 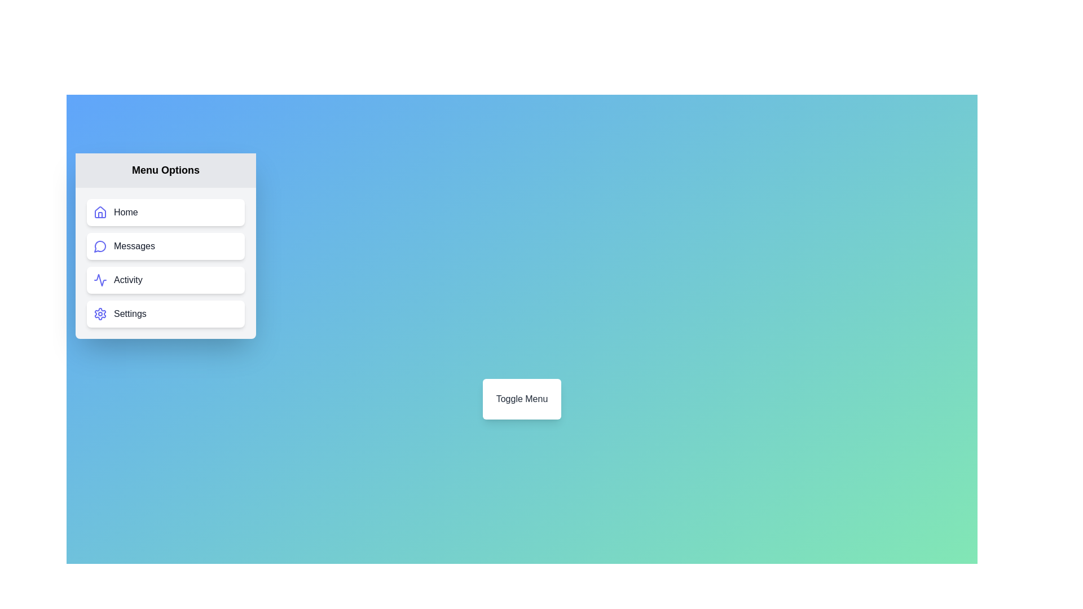 I want to click on the Settings menu item, so click(x=165, y=314).